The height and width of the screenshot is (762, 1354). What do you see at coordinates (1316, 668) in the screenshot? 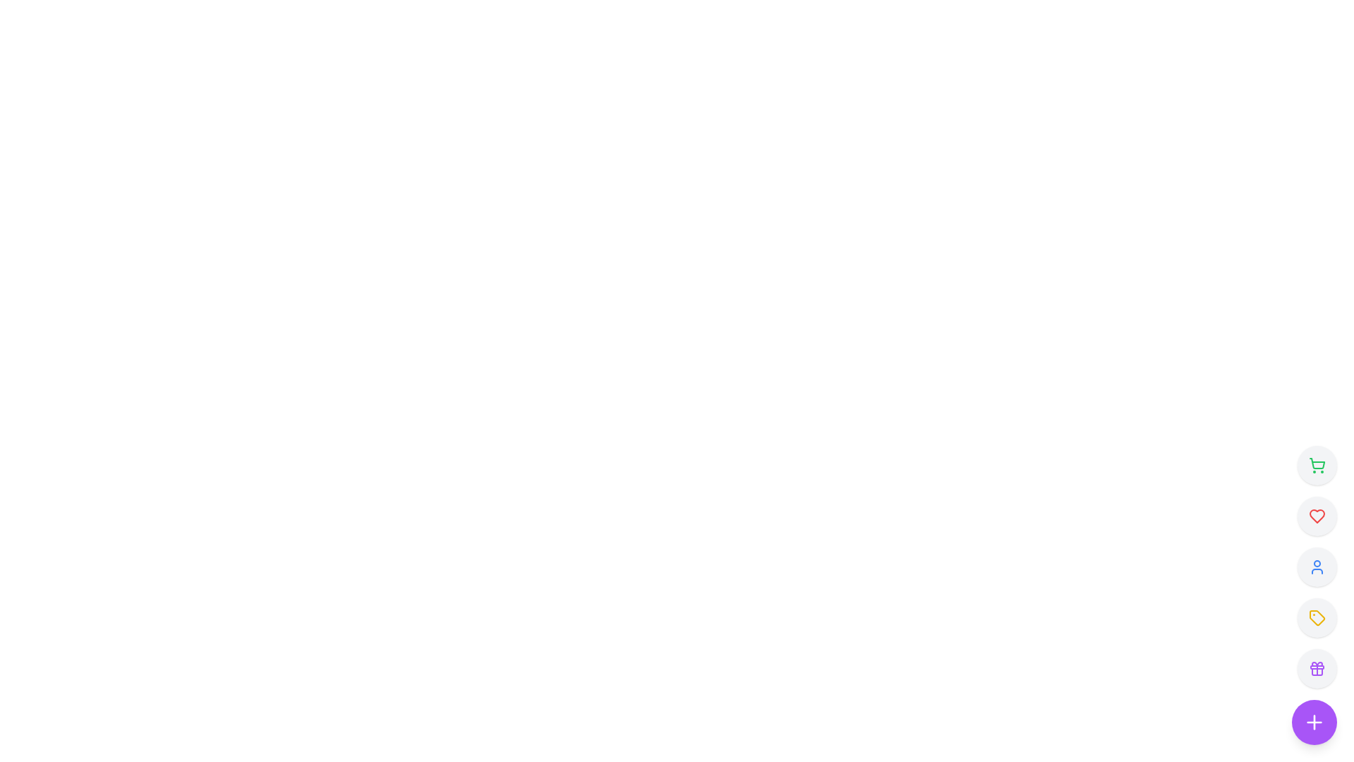
I see `the 'gift' icon button, the fifth circular button in a vertical stack on the right side` at bounding box center [1316, 668].